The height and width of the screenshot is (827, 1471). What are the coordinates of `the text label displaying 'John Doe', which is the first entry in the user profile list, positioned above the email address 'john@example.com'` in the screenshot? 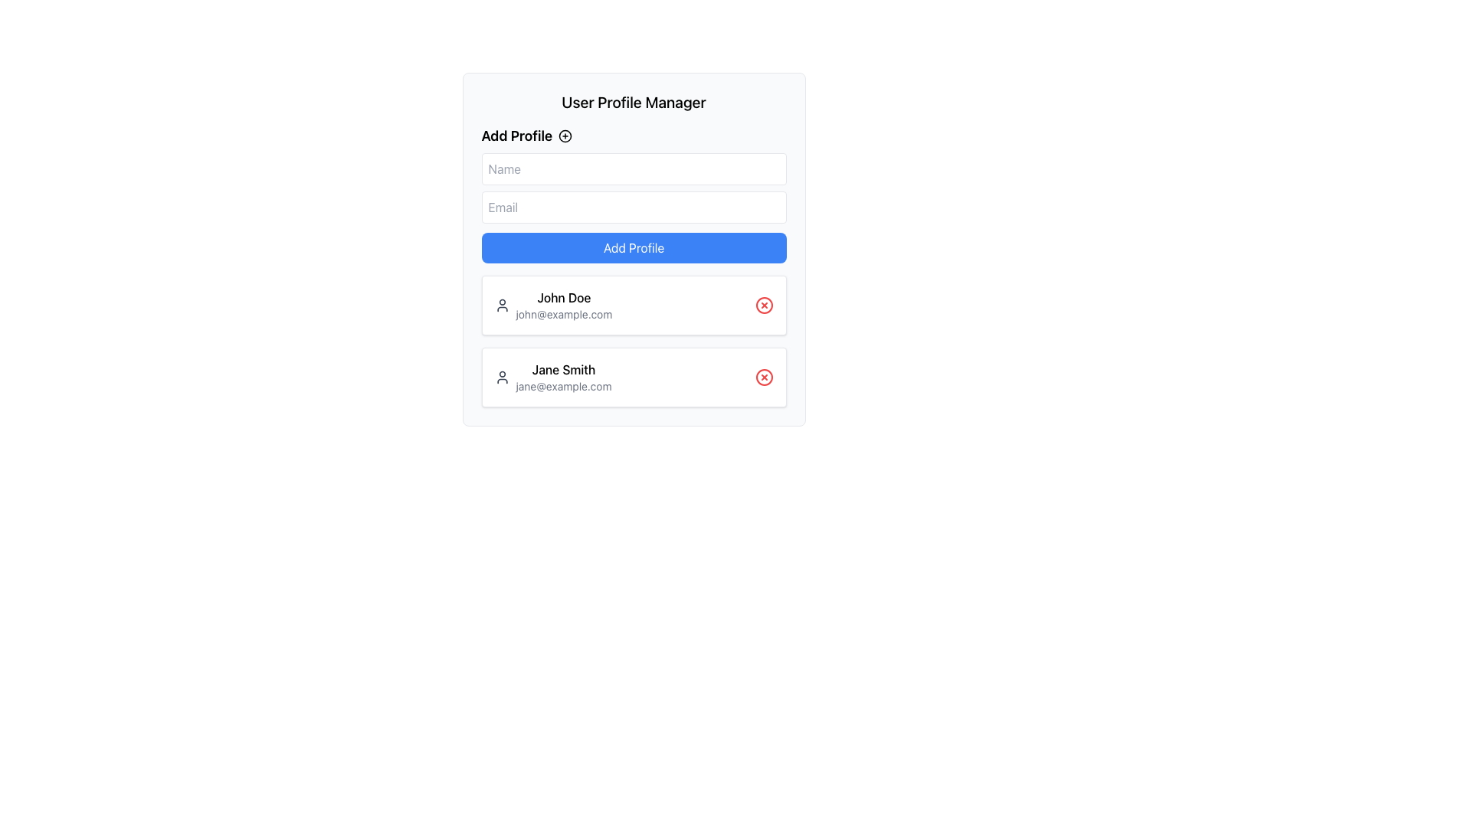 It's located at (563, 298).